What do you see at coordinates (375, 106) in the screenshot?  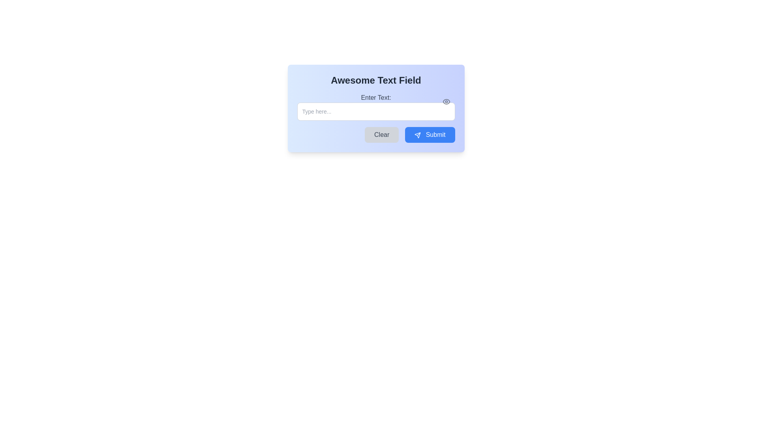 I see `the 'This is a password' text input field, which is styled with rounded corners and a placeholder text 'Type here...', located below the label 'Enter Text:' in the 'Awesome Text Field' area` at bounding box center [375, 106].